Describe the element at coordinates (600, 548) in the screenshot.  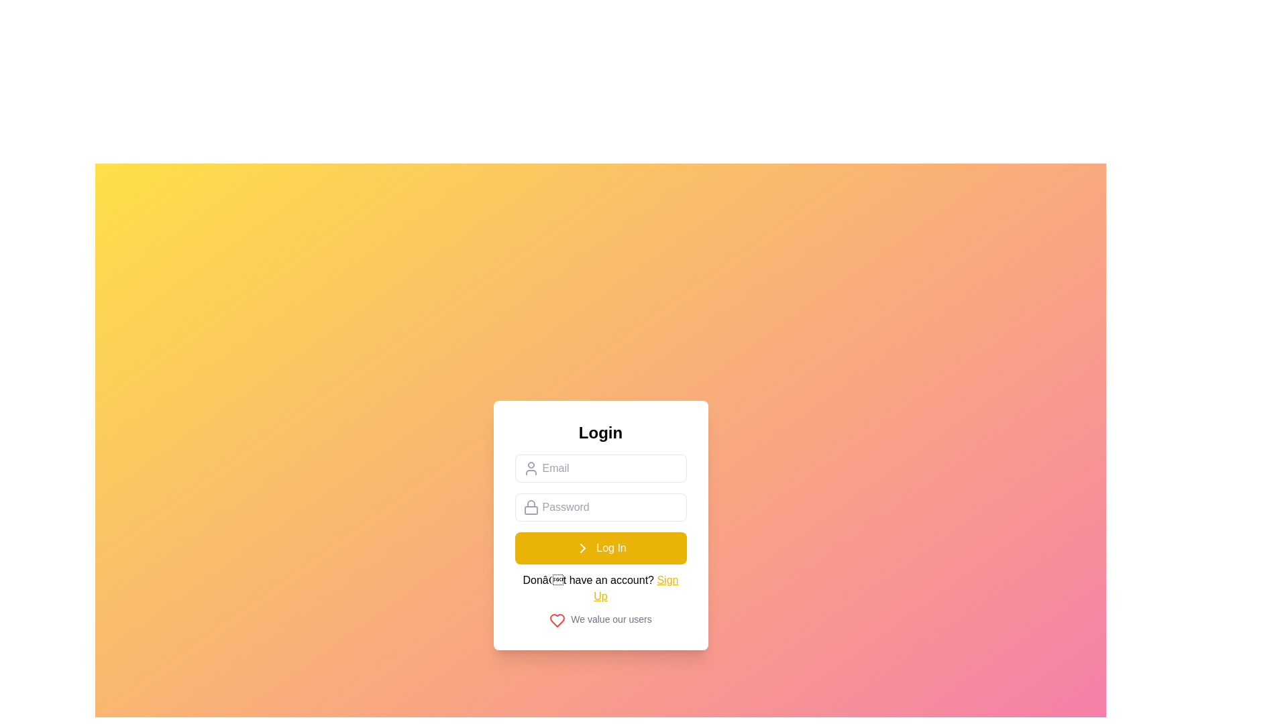
I see `the vibrant yellow 'Log In' button with white text and a rightward chevron icon` at that location.